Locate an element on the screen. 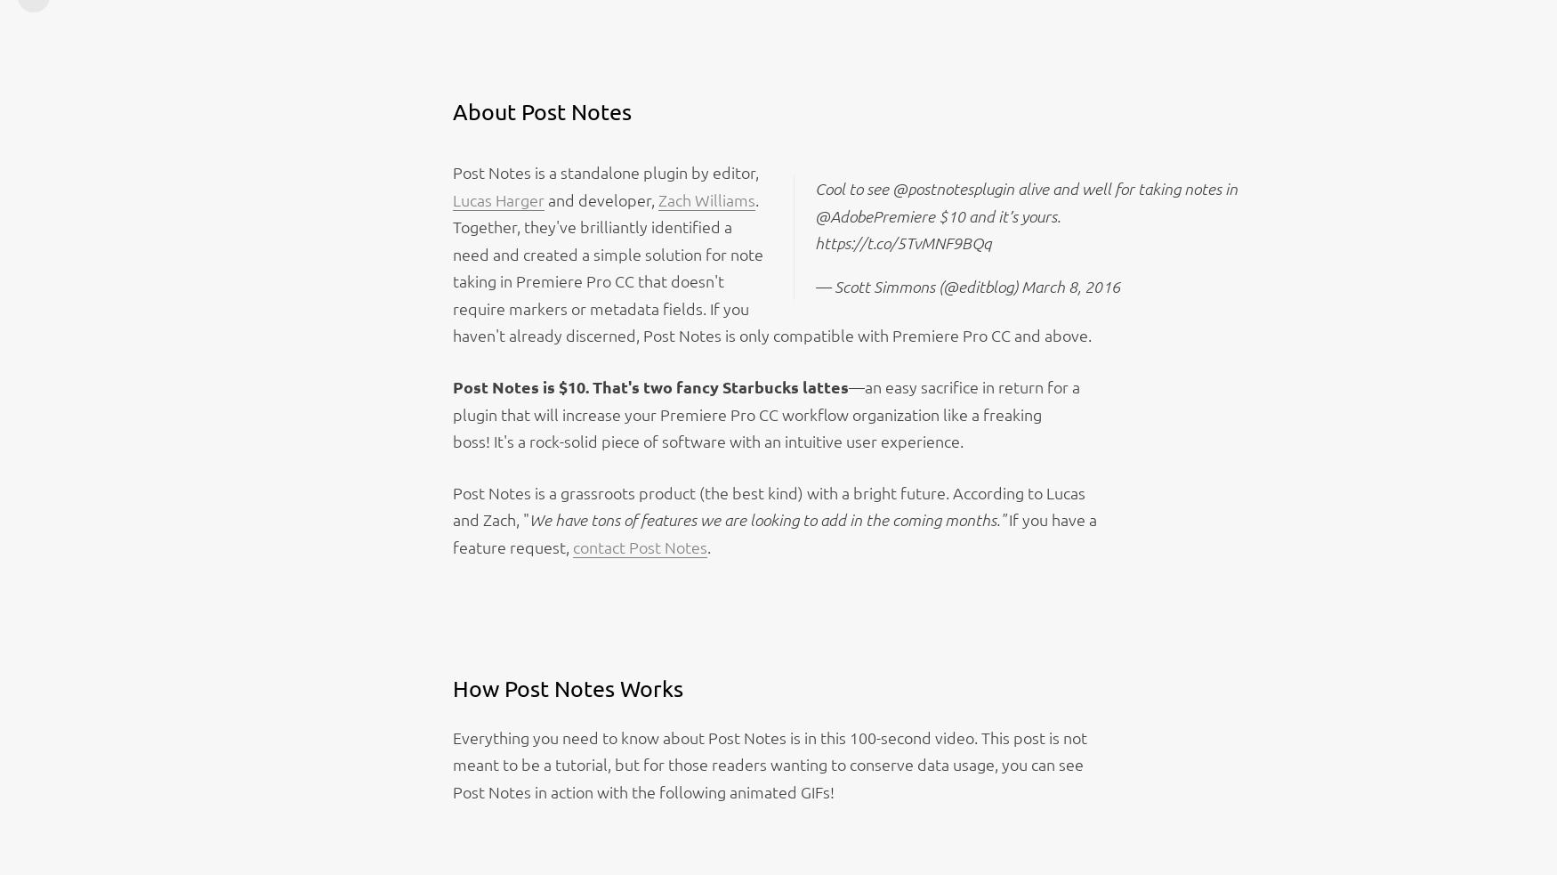  'Cool to see' is located at coordinates (813, 187).